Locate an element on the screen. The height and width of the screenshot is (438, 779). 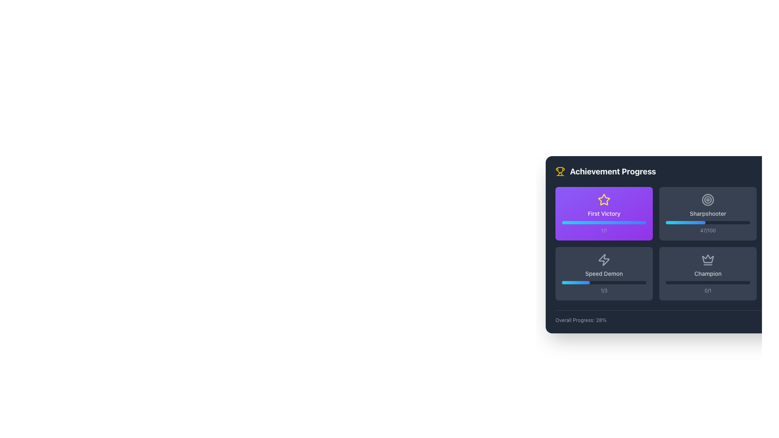
the gray crown icon located at the top-center of the 'Champion' card in the bottom-right of the Achievement Progress section is located at coordinates (708, 259).